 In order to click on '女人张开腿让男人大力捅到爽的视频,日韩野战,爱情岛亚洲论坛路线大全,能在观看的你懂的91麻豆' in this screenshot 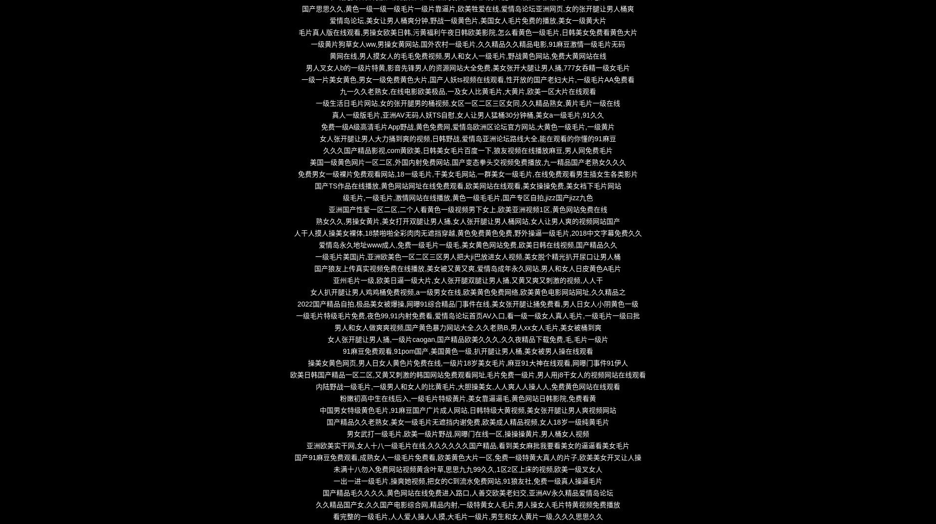, I will do `click(467, 138)`.